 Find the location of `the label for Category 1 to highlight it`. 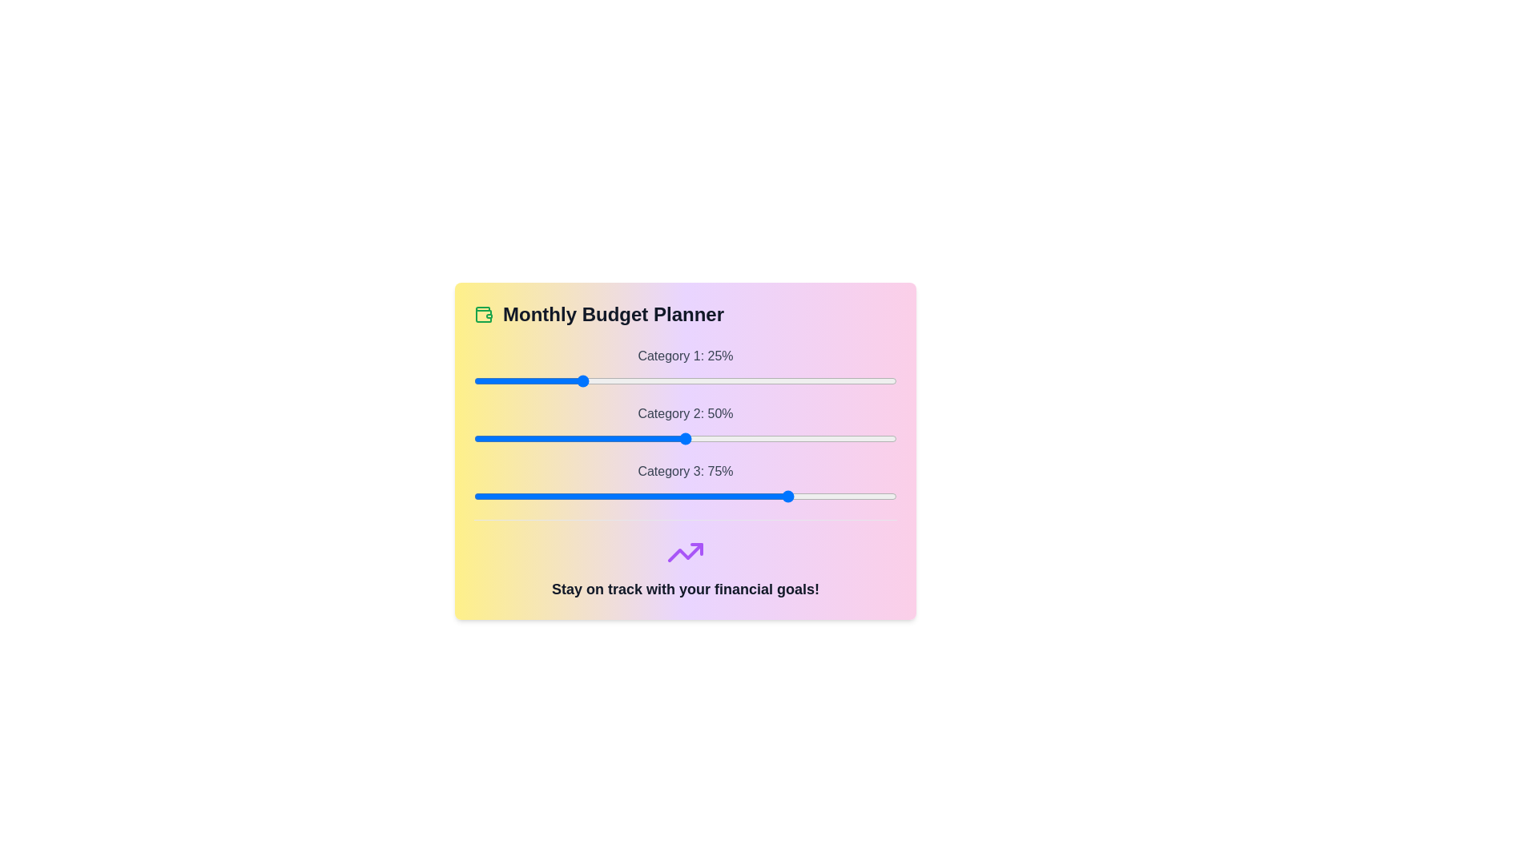

the label for Category 1 to highlight it is located at coordinates (685, 355).